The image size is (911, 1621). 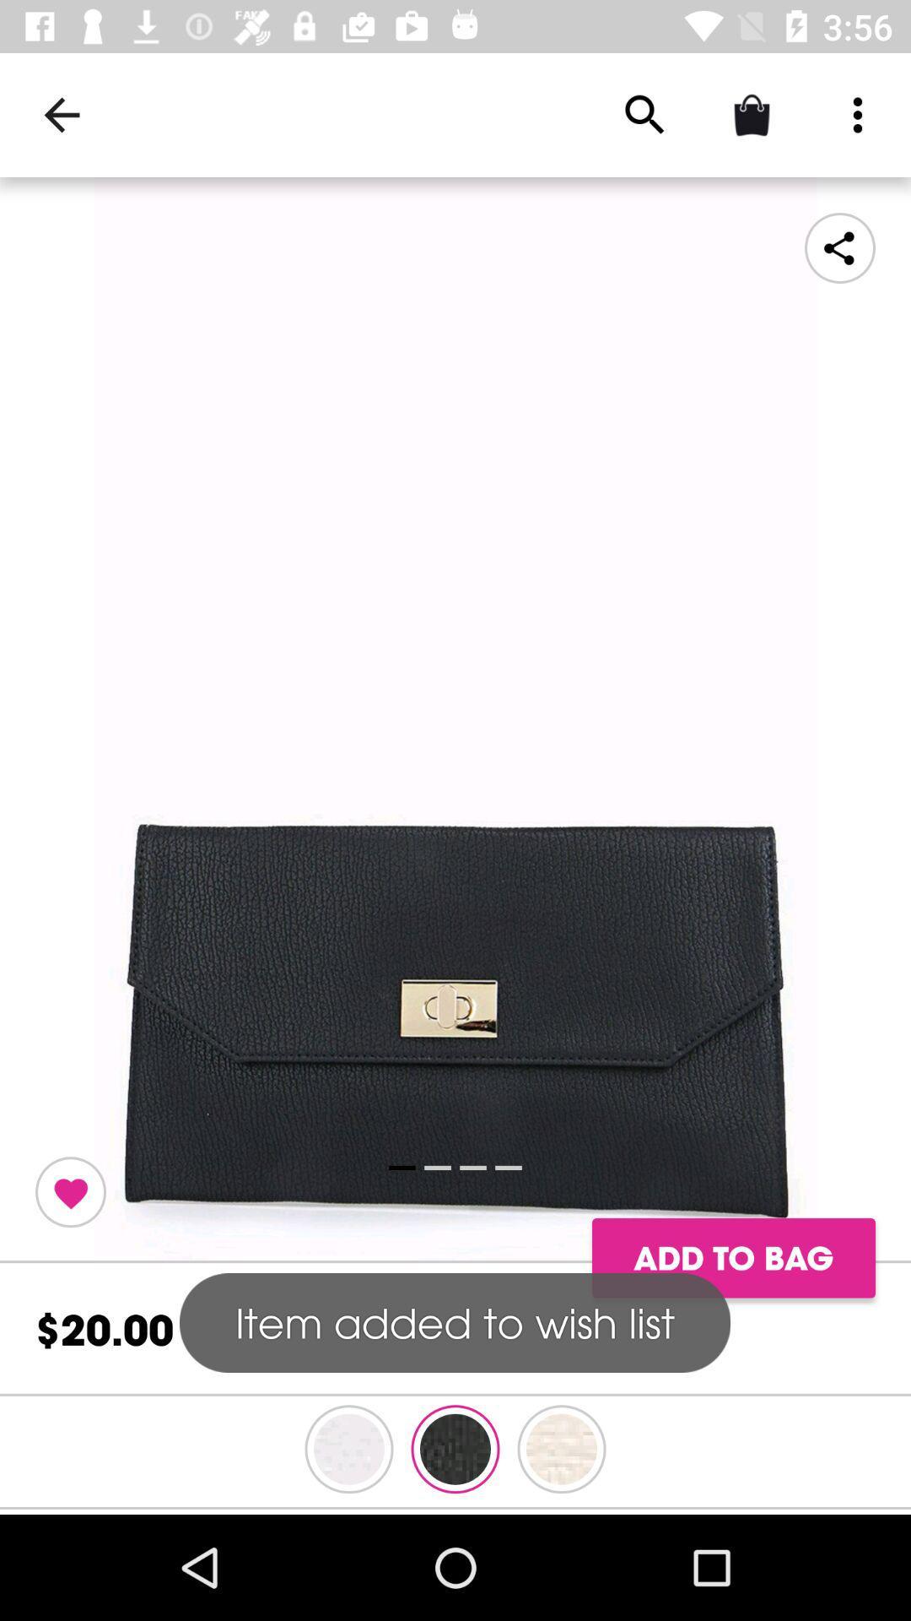 I want to click on share the product, so click(x=839, y=247).